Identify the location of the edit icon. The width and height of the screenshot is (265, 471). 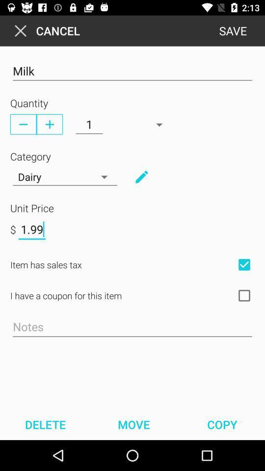
(141, 177).